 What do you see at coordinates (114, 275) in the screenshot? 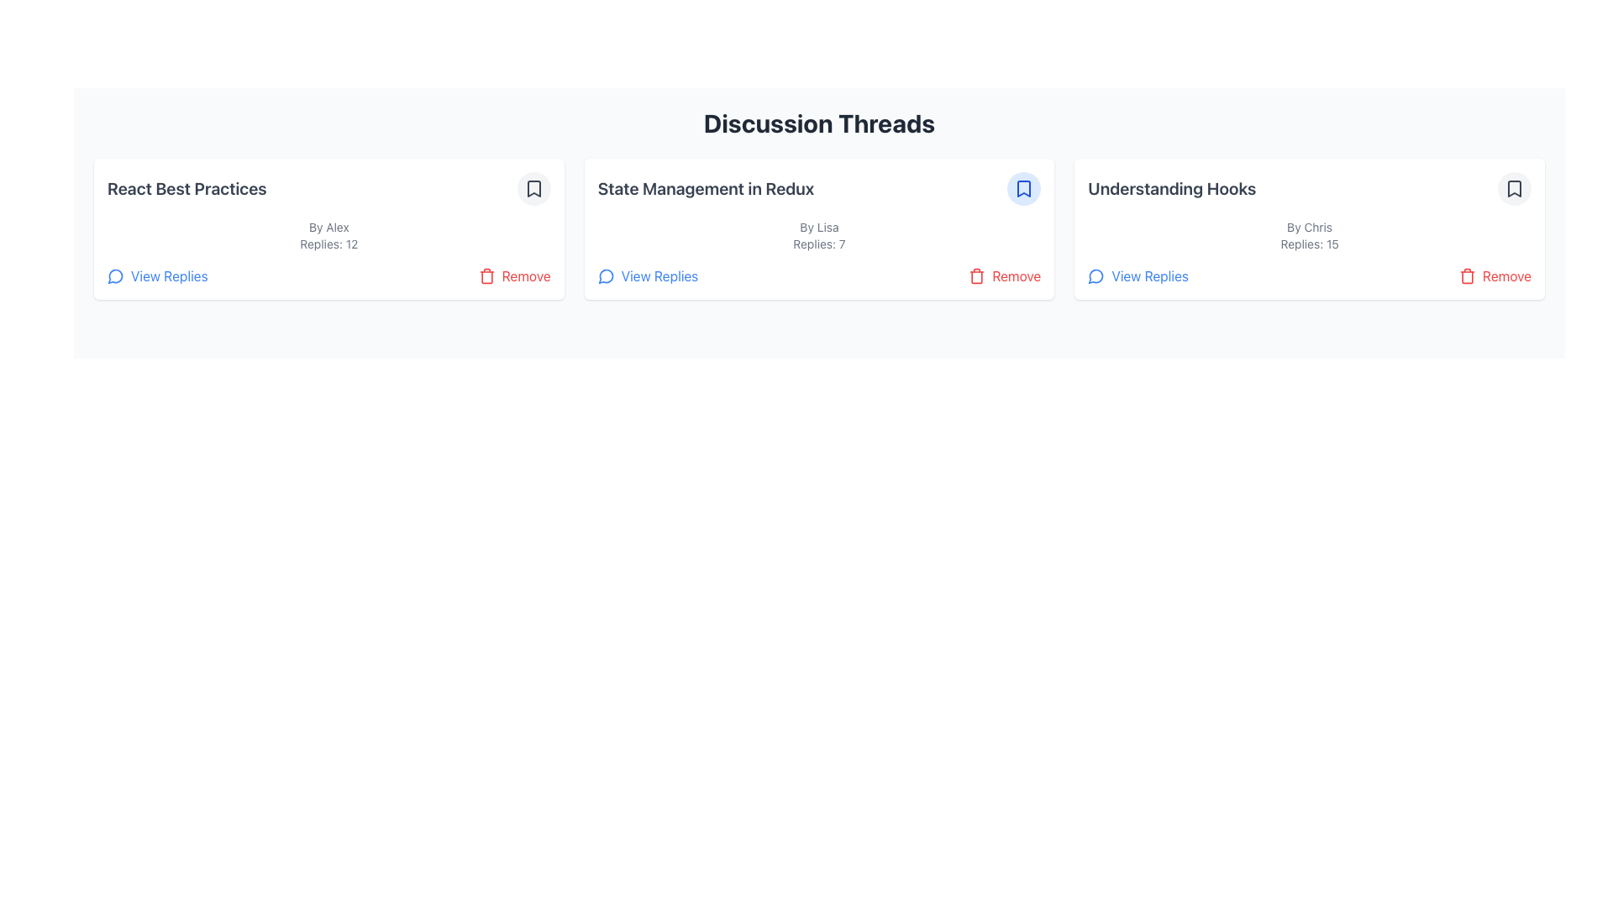
I see `the message/comment icon located in the discussion card titled 'React Best Practices', positioned in the top-left corner next to other text content` at bounding box center [114, 275].